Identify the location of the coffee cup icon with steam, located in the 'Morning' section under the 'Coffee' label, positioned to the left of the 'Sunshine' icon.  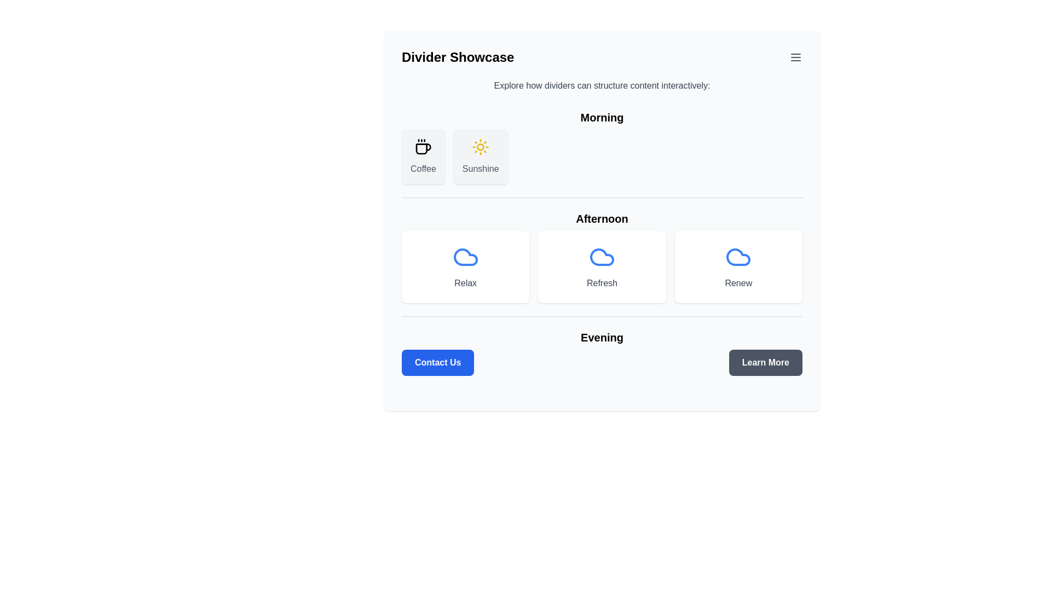
(423, 147).